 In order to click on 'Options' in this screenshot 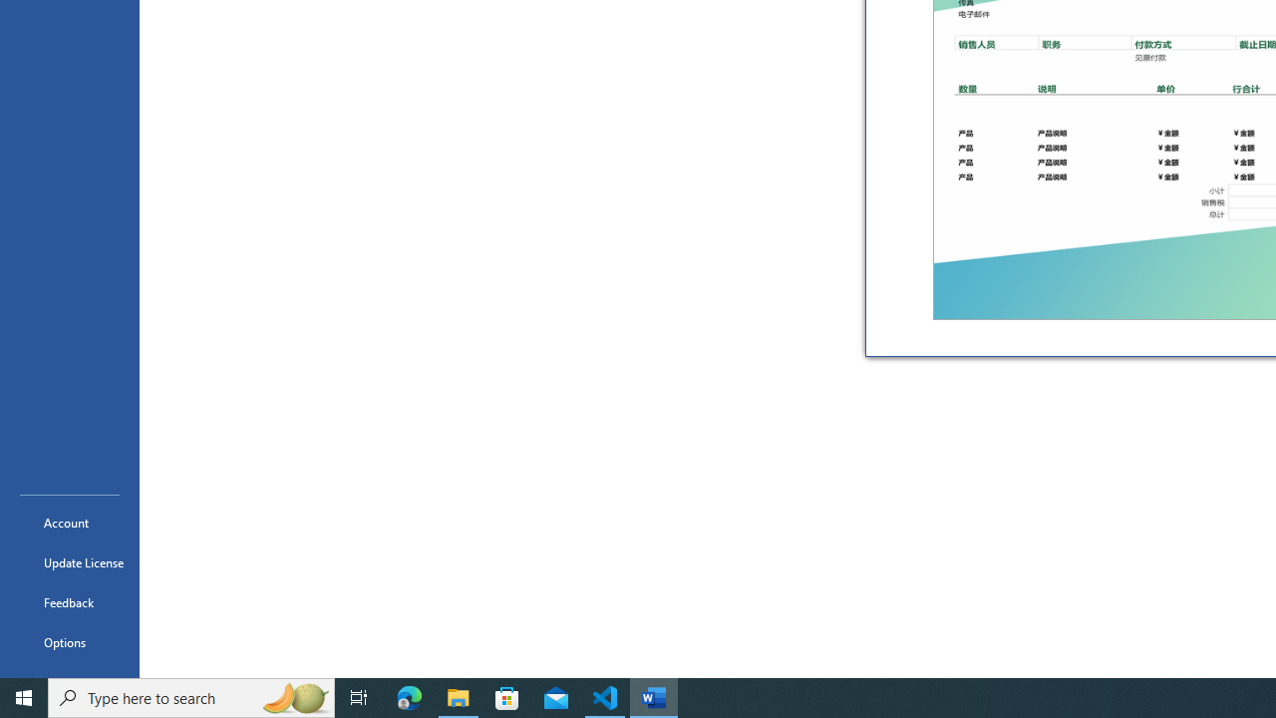, I will do `click(69, 642)`.